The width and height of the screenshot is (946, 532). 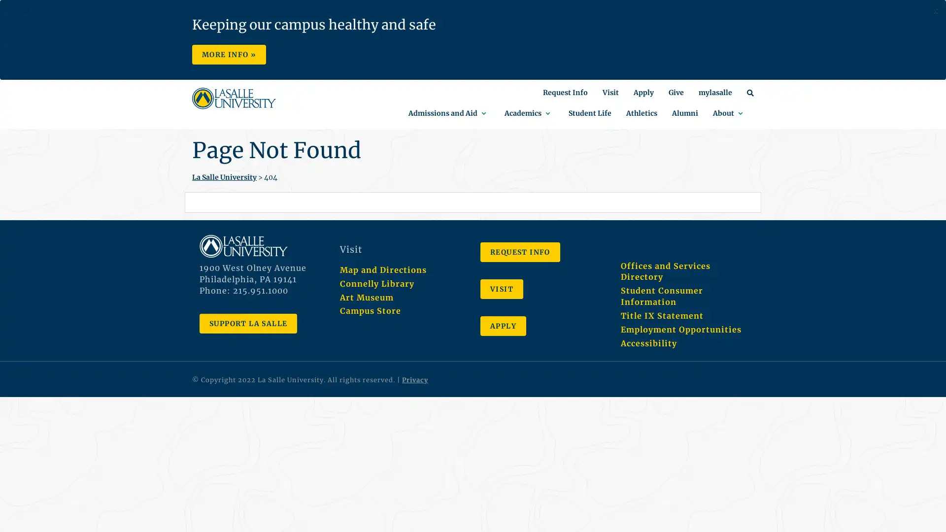 I want to click on Close notification area X, so click(x=935, y=11).